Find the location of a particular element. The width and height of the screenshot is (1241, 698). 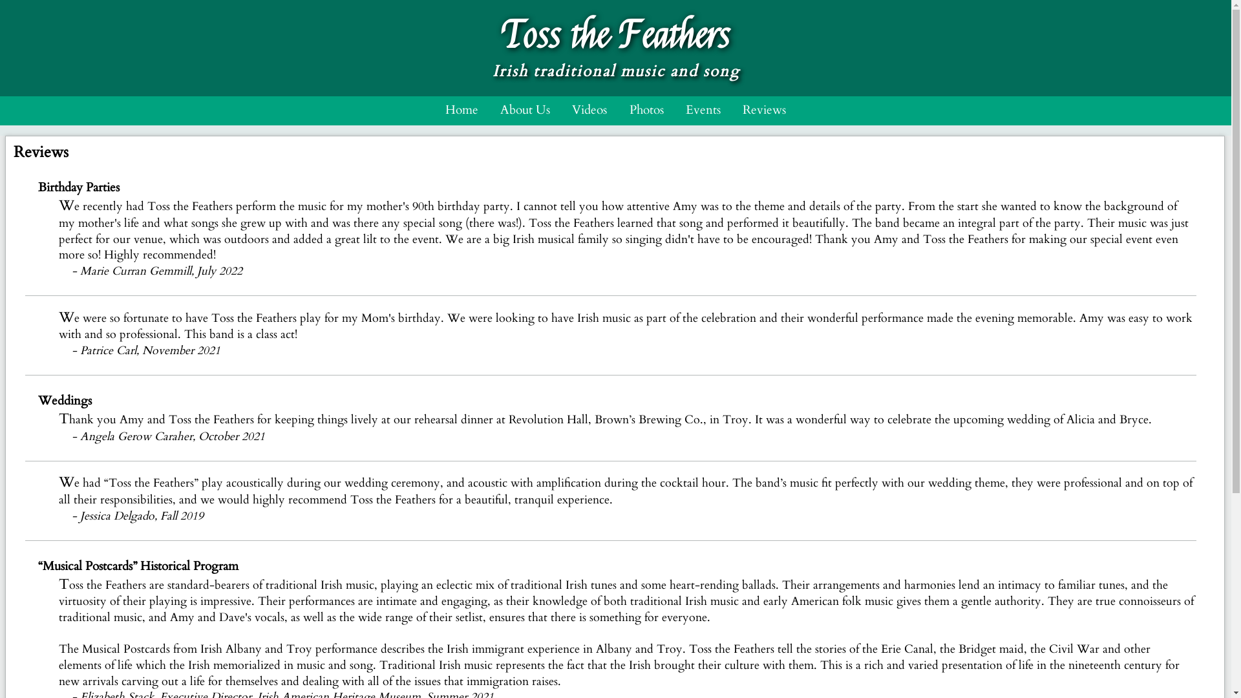

'Photos' is located at coordinates (630, 109).